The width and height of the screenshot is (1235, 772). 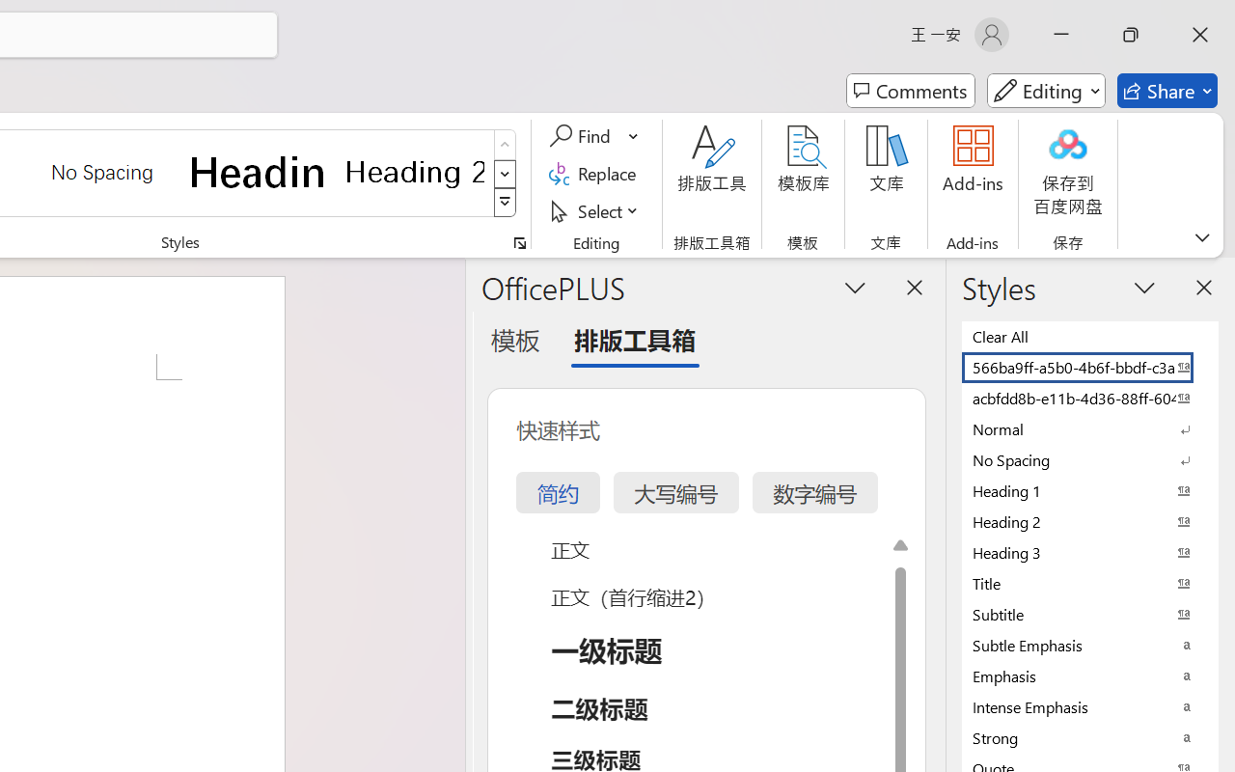 I want to click on 'Find', so click(x=582, y=136).